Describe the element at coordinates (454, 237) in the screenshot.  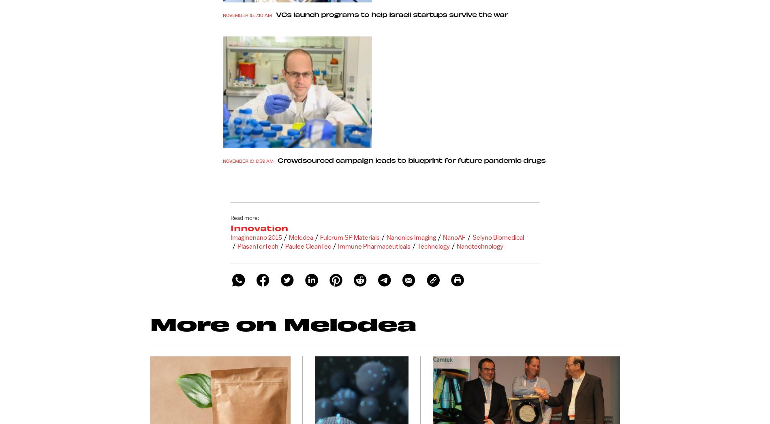
I see `'NanoAF'` at that location.